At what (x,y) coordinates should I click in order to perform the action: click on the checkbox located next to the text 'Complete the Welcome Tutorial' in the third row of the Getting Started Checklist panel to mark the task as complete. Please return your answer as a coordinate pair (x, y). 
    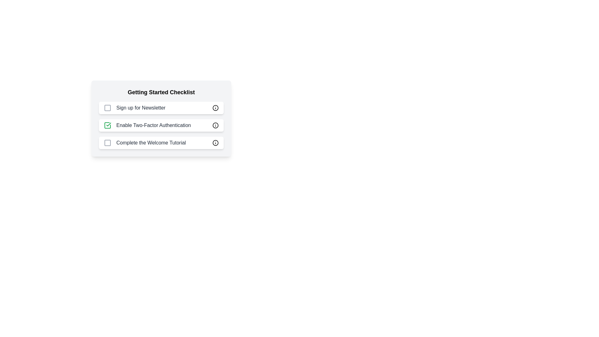
    Looking at the image, I should click on (108, 143).